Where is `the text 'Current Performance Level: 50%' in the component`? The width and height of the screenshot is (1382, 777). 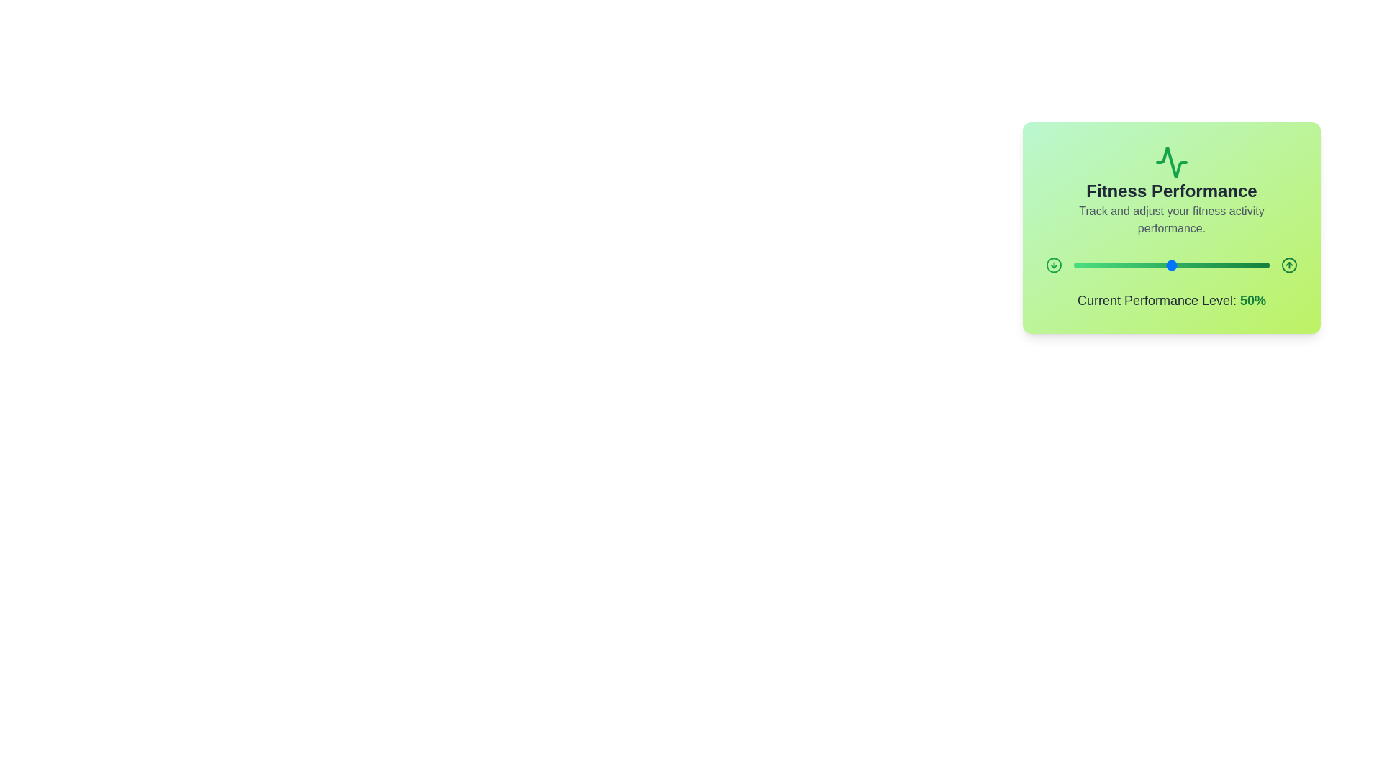 the text 'Current Performance Level: 50%' in the component is located at coordinates (1171, 283).